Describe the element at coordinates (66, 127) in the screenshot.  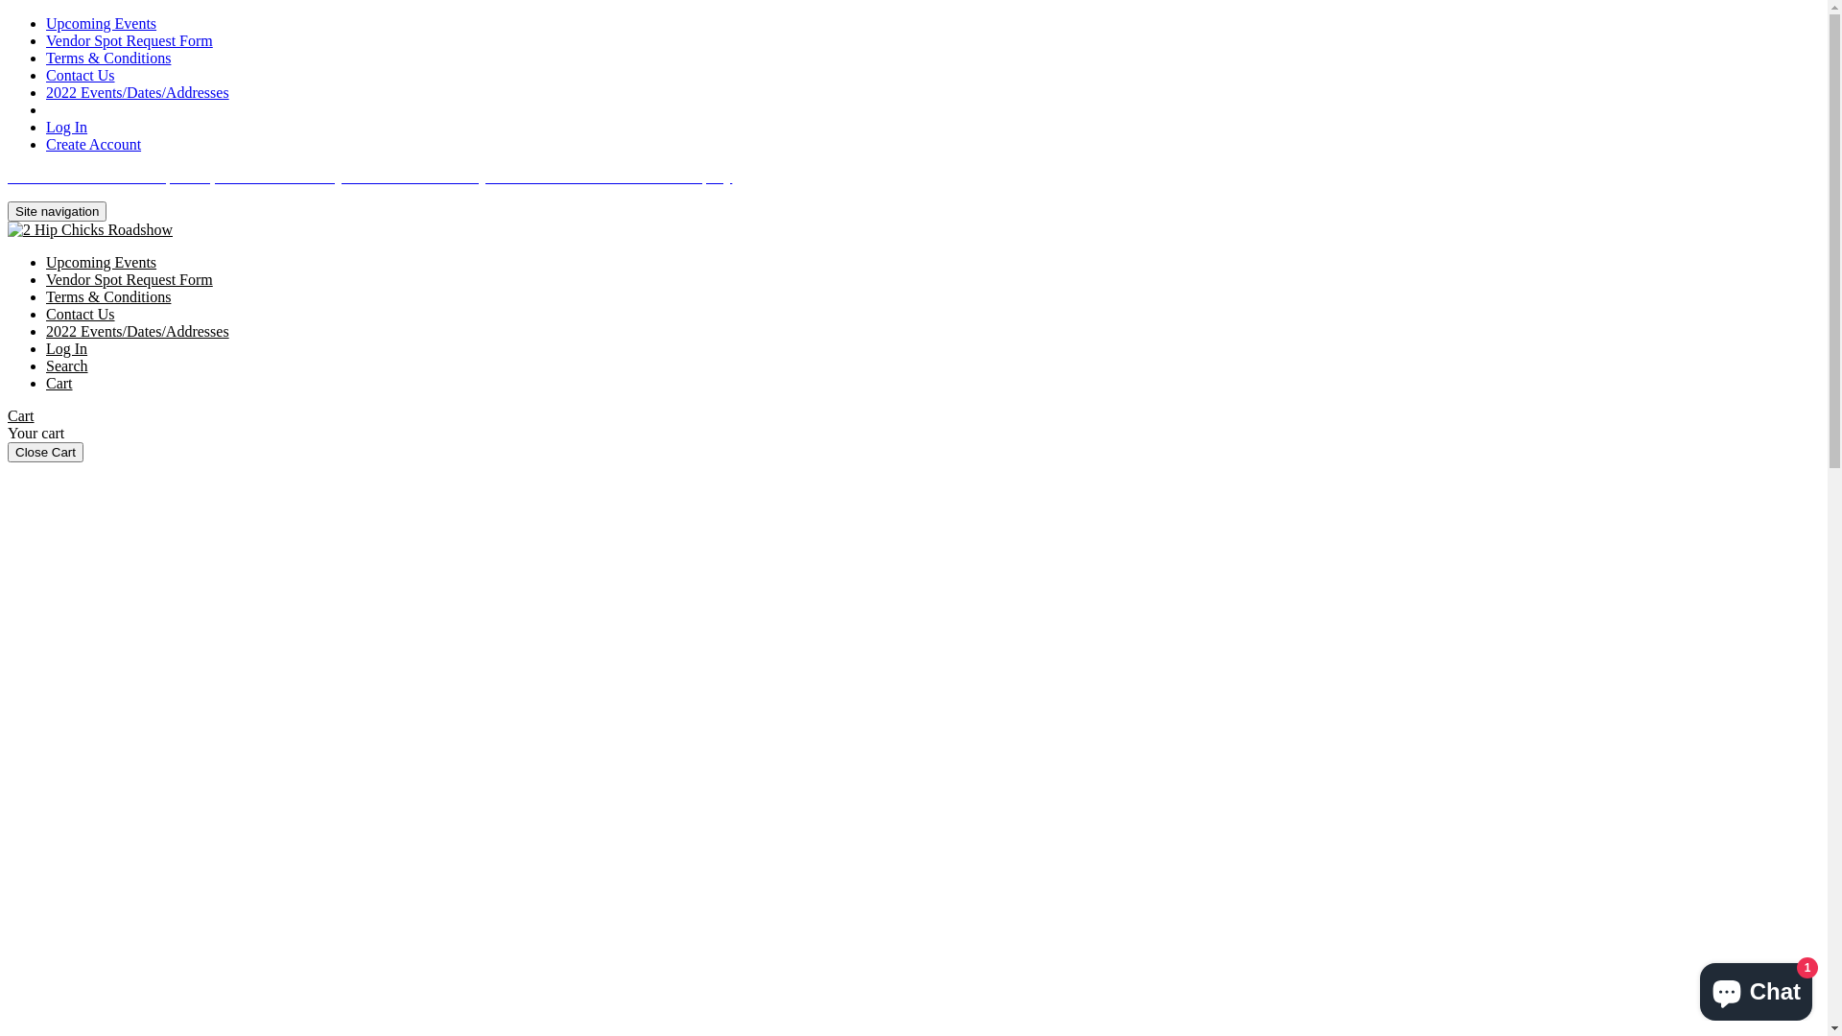
I see `'Log In'` at that location.